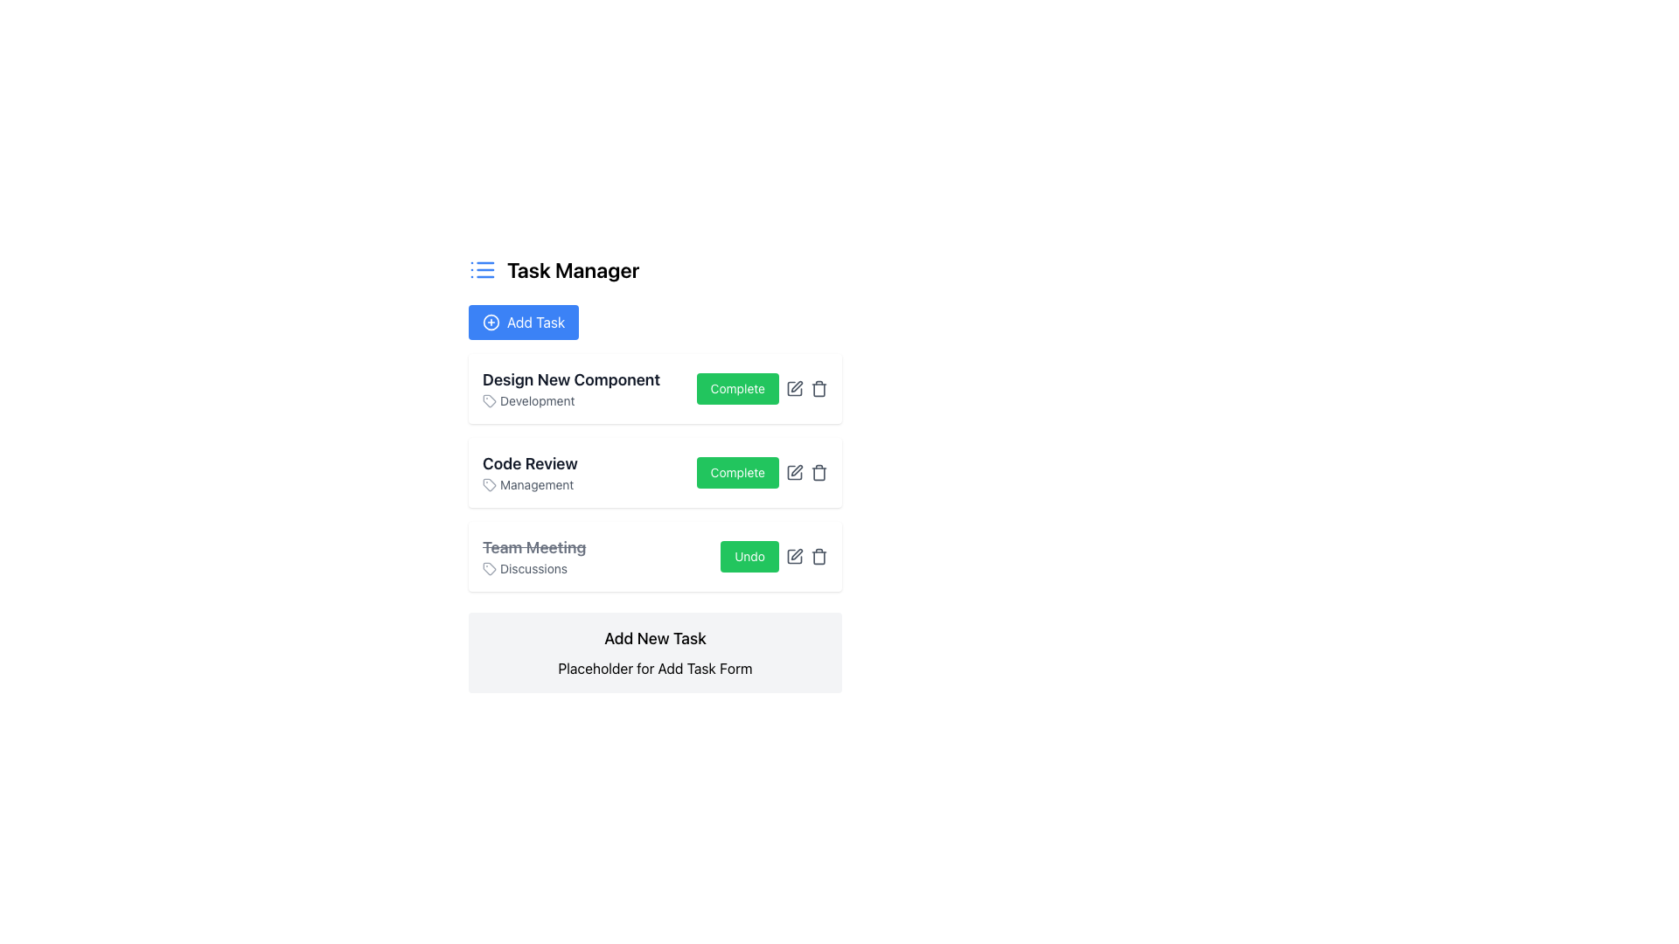  I want to click on the 'Discussions' label, which is styled in a small font size with a light gray color and has a tag icon on its left, located below the 'Team Meeting' text, so click(533, 569).